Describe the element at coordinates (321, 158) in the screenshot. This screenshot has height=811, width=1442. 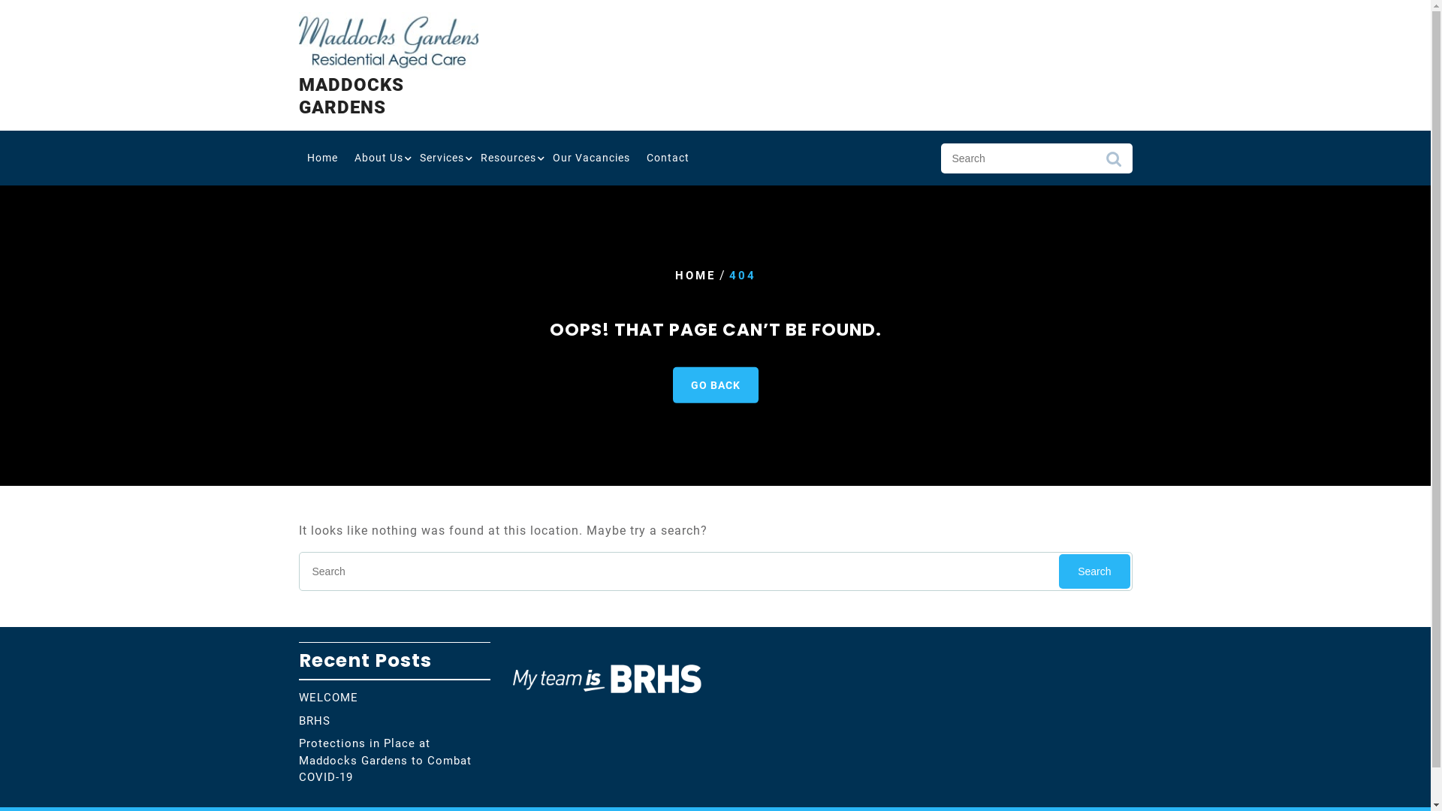
I see `'Home'` at that location.